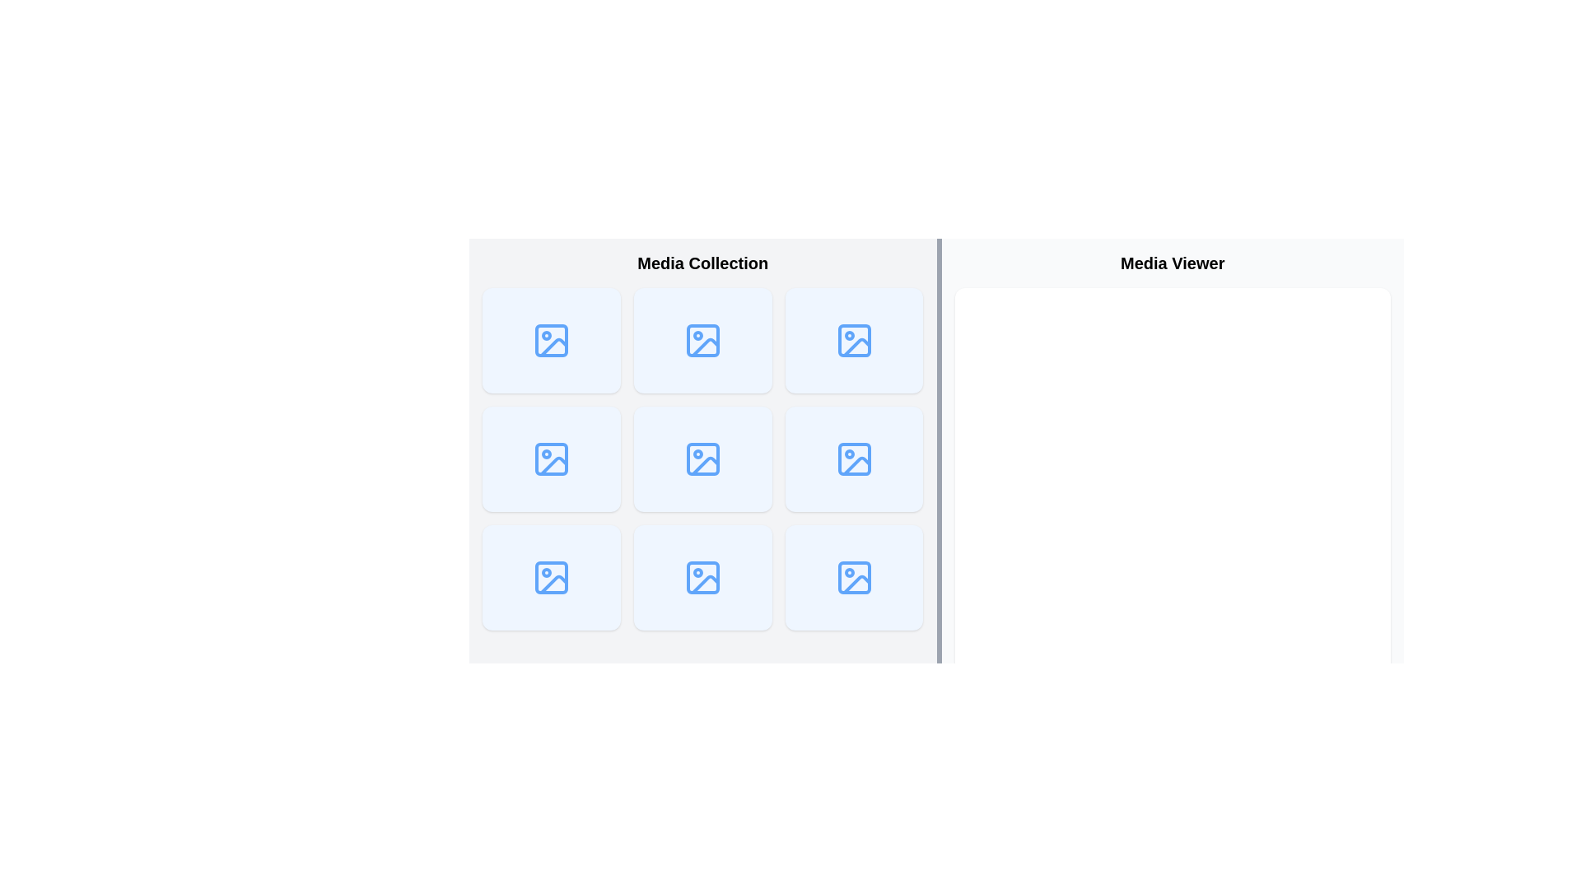  Describe the element at coordinates (854, 459) in the screenshot. I see `the light blue rectangular icon in the Media Collection, which is the middle icon in the third row of a 3x3 grid` at that location.